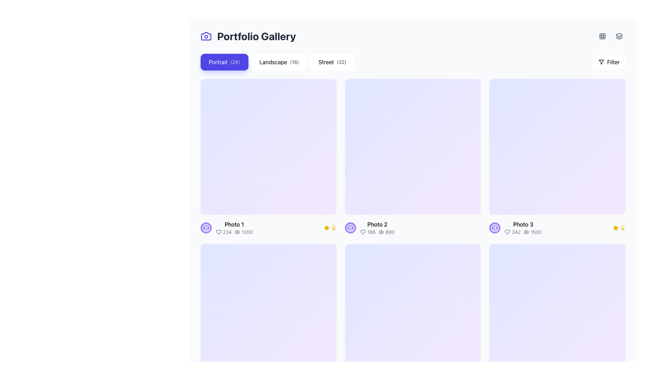 This screenshot has width=671, height=377. Describe the element at coordinates (268, 228) in the screenshot. I see `the Information bar with metadata and action icons located at the bottom of the first grid entry in the gallery layout for reordering` at that location.